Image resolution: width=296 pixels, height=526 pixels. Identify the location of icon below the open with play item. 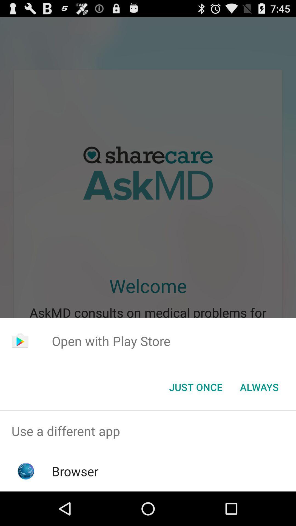
(195, 387).